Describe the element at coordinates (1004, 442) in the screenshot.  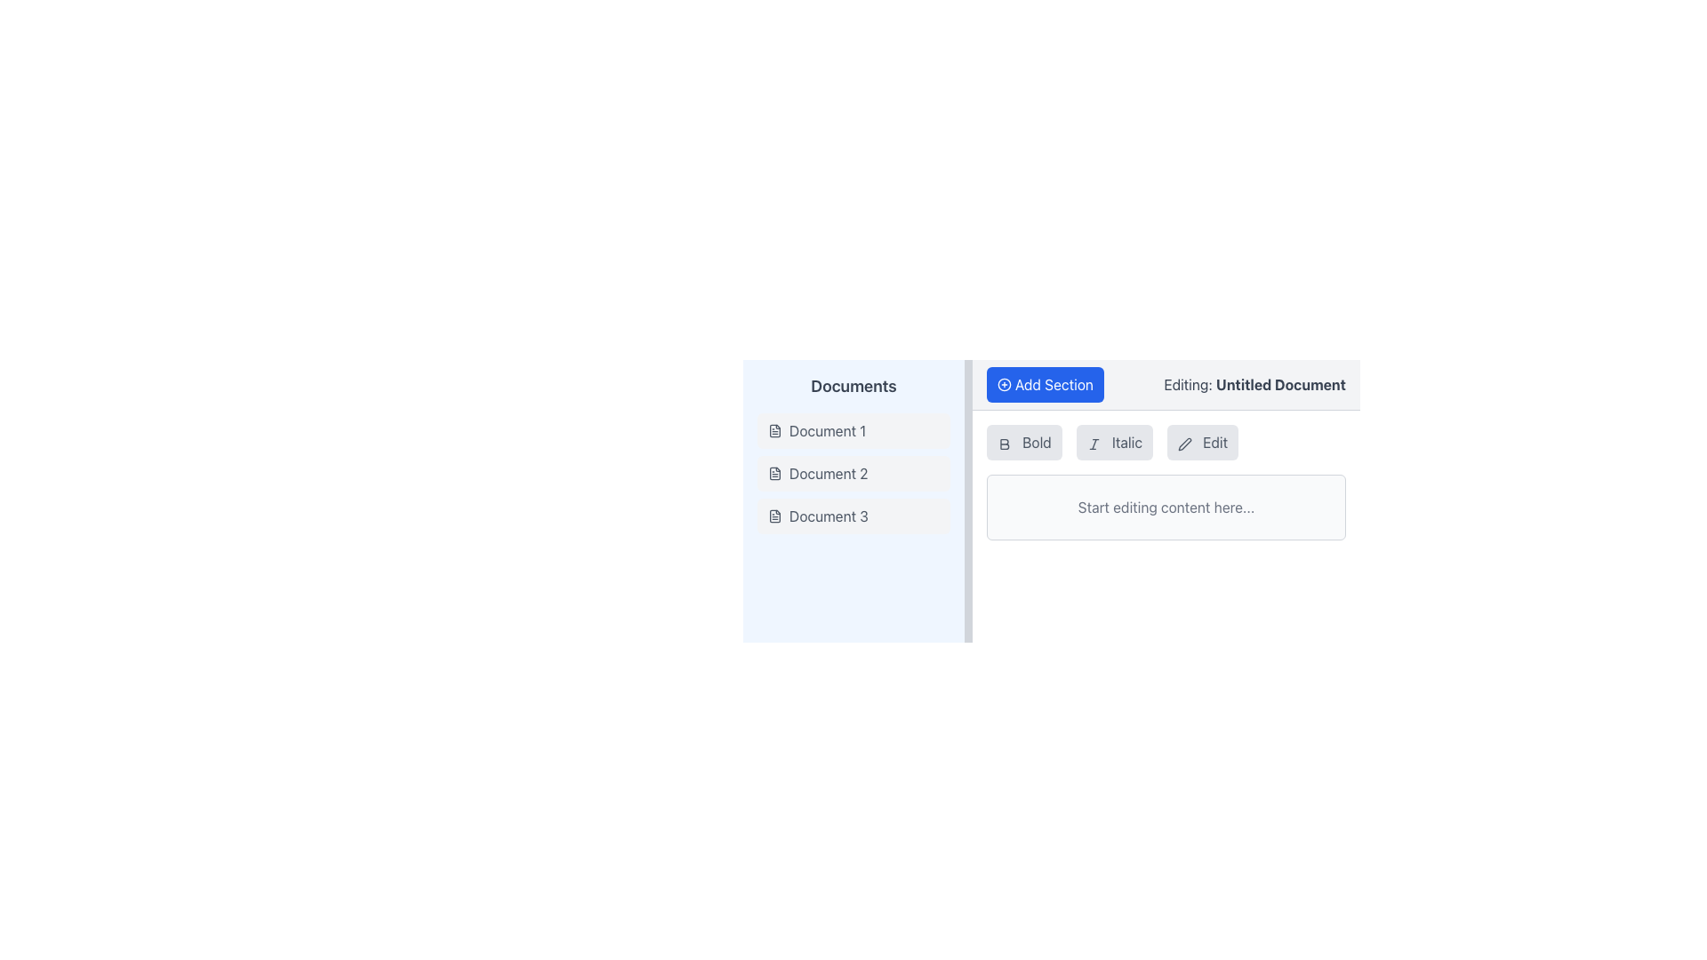
I see `'Bold' text formatting icon located in the toolbar below the headers, which serves as a visual indicator for making text thicker and more prominent` at that location.